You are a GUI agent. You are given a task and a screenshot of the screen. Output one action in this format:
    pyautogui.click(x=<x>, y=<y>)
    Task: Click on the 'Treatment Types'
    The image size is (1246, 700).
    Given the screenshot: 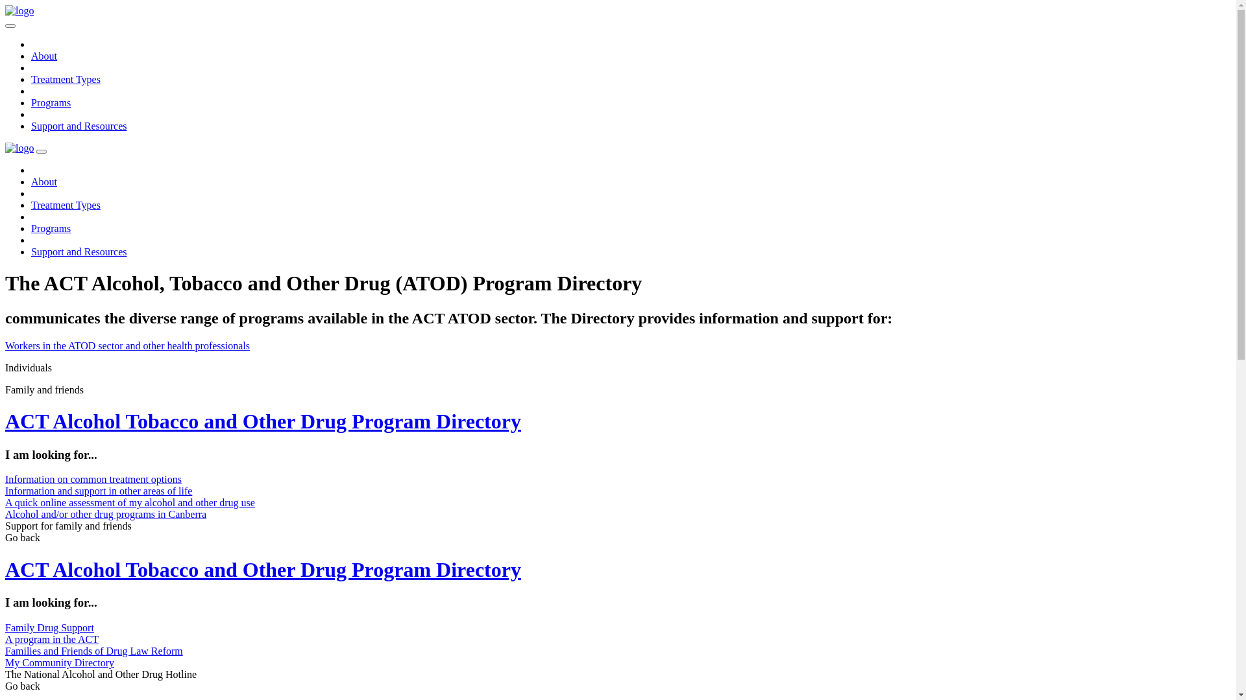 What is the action you would take?
    pyautogui.click(x=65, y=204)
    